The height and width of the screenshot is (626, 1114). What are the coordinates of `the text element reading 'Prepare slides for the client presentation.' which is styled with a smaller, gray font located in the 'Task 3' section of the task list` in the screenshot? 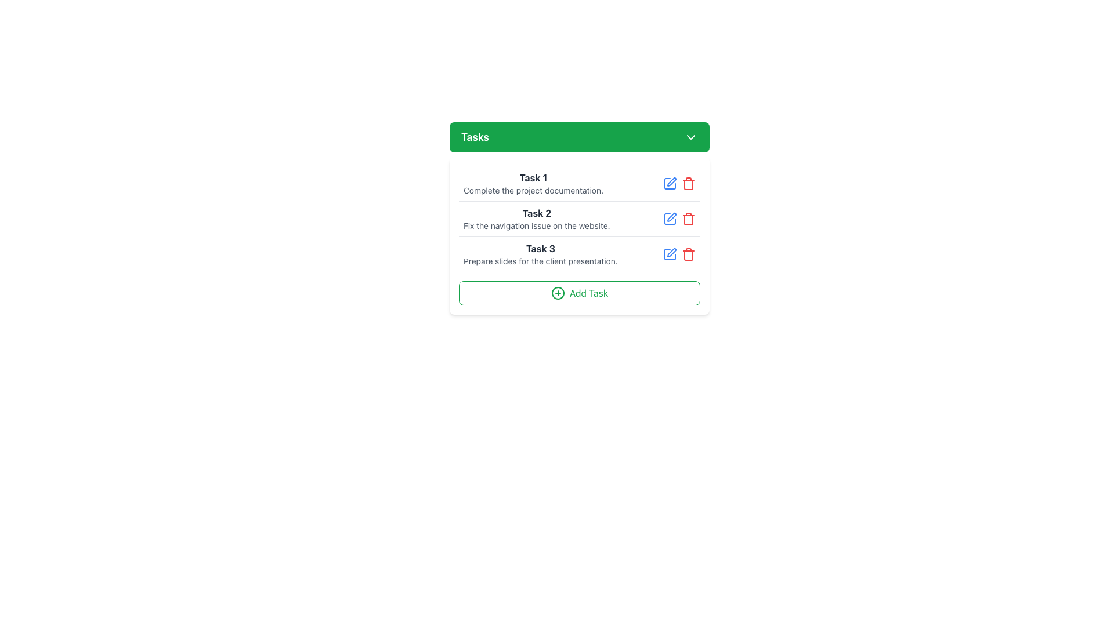 It's located at (540, 261).